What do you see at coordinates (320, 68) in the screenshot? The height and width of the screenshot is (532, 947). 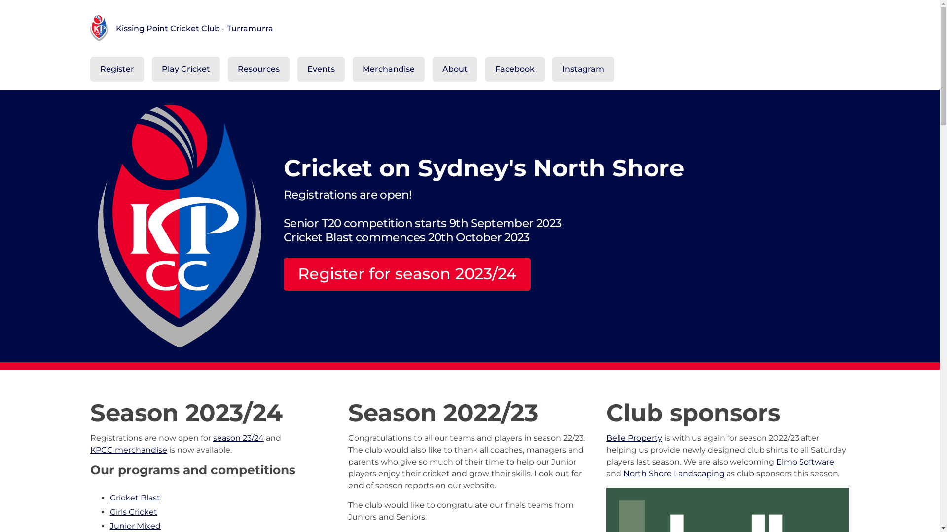 I see `'Events'` at bounding box center [320, 68].